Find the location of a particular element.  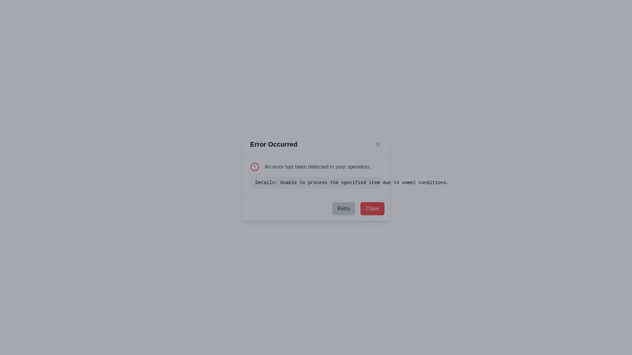

the static text label 'An error has been detected in your operation:' which is part of the error notification interface, located below the modal title 'Error Occurred' is located at coordinates (316, 167).